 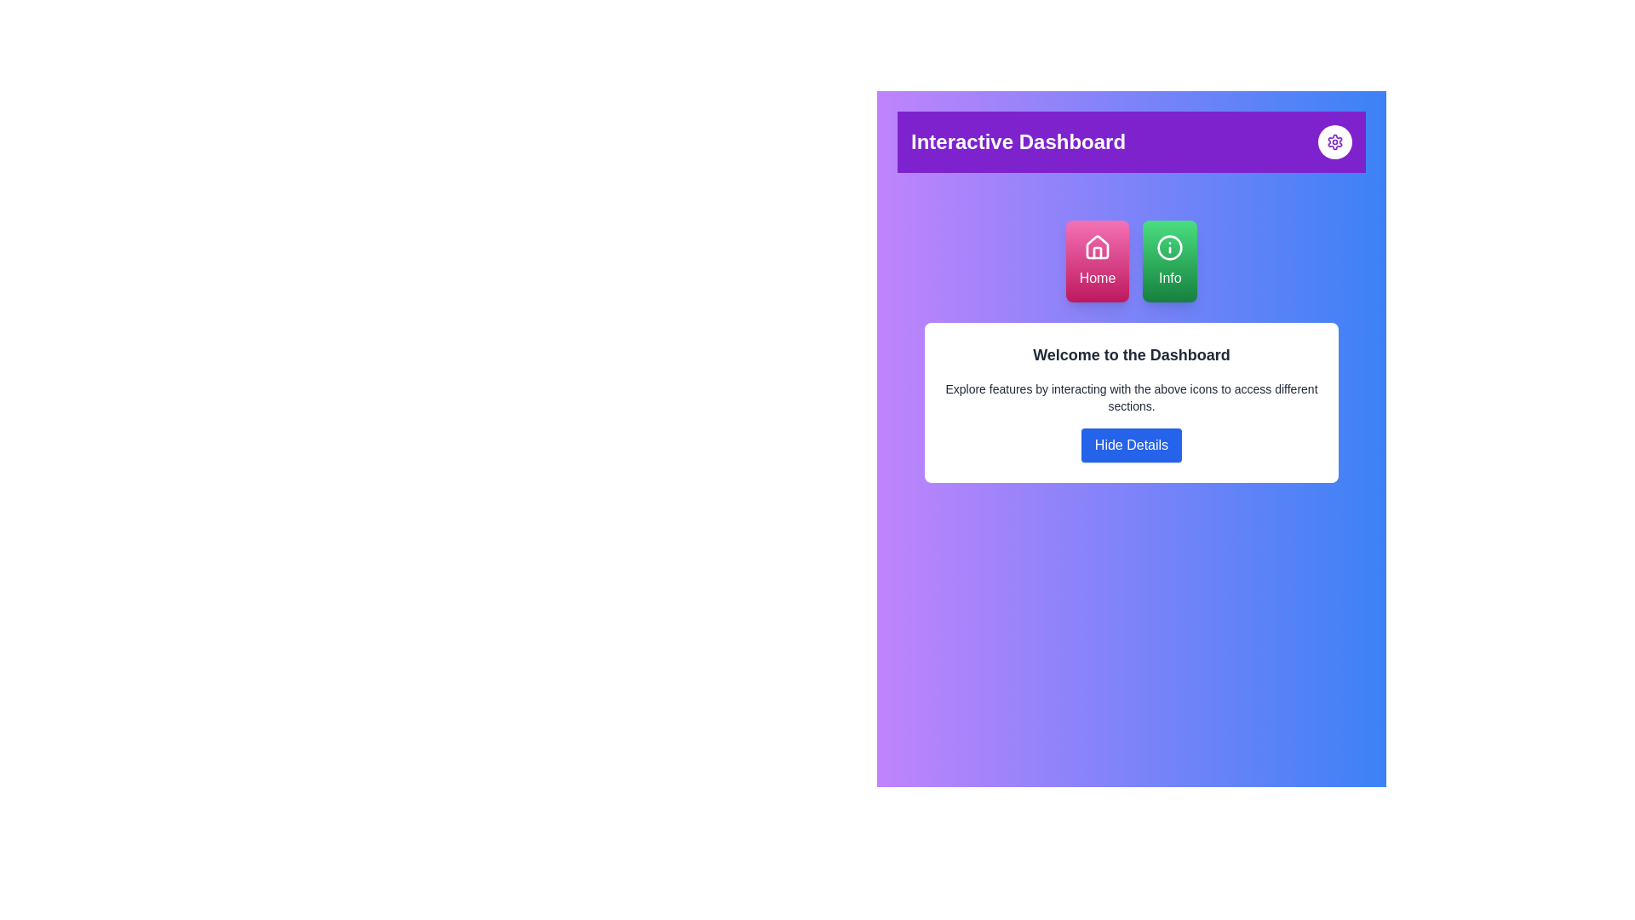 I want to click on the circular vector graphic element located inside the green 'Info' button, which is positioned below the purple header bar and to the right of the pink 'Home' button, so click(x=1168, y=247).